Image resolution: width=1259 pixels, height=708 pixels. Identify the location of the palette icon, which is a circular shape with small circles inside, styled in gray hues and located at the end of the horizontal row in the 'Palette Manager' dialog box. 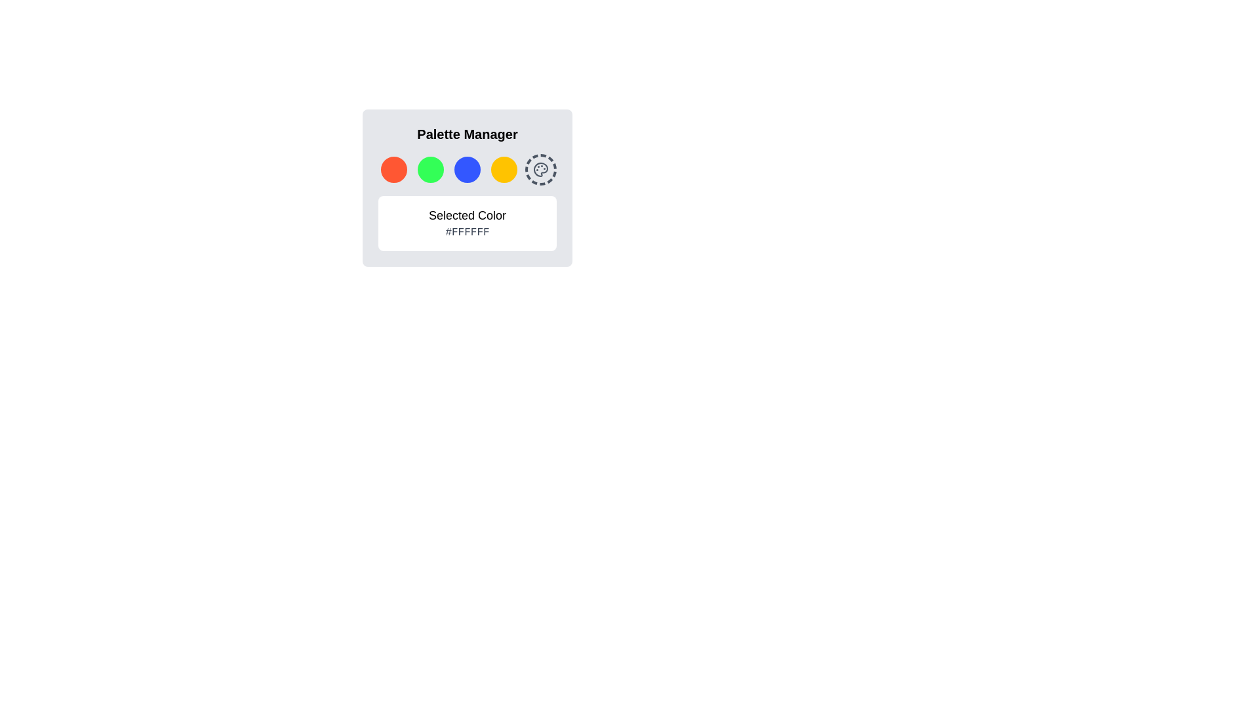
(541, 168).